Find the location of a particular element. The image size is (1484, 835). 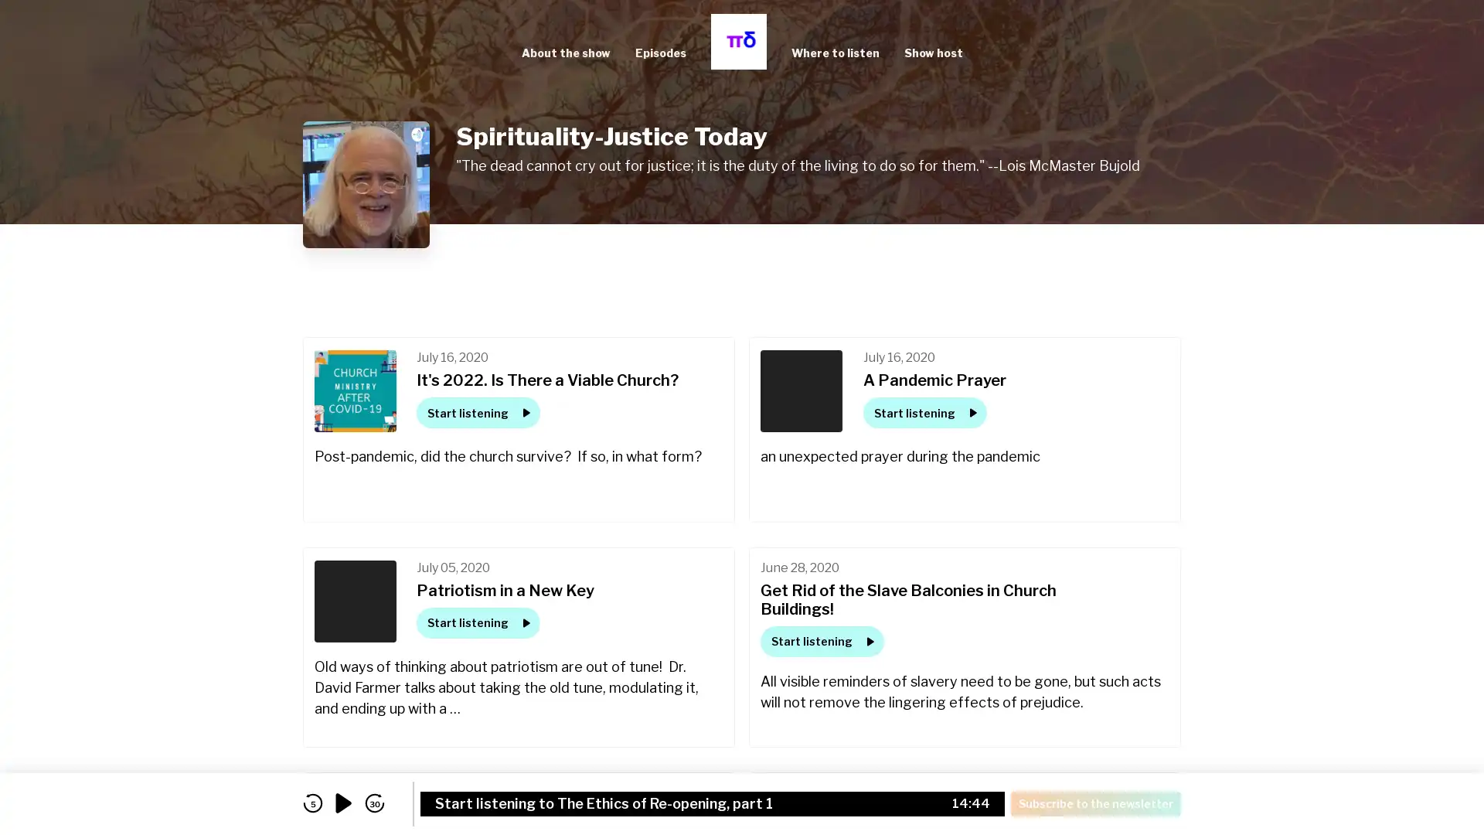

Start listening is located at coordinates (924, 411).